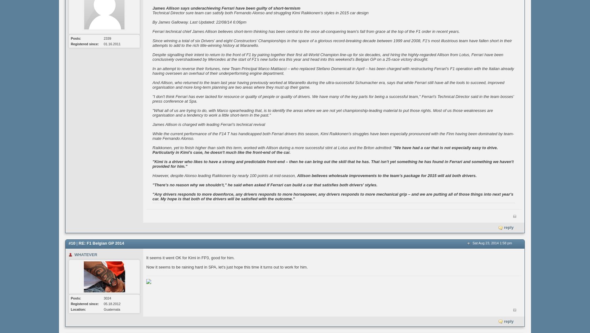 The width and height of the screenshot is (590, 333). Describe the element at coordinates (112, 303) in the screenshot. I see `'05.18.2012'` at that location.